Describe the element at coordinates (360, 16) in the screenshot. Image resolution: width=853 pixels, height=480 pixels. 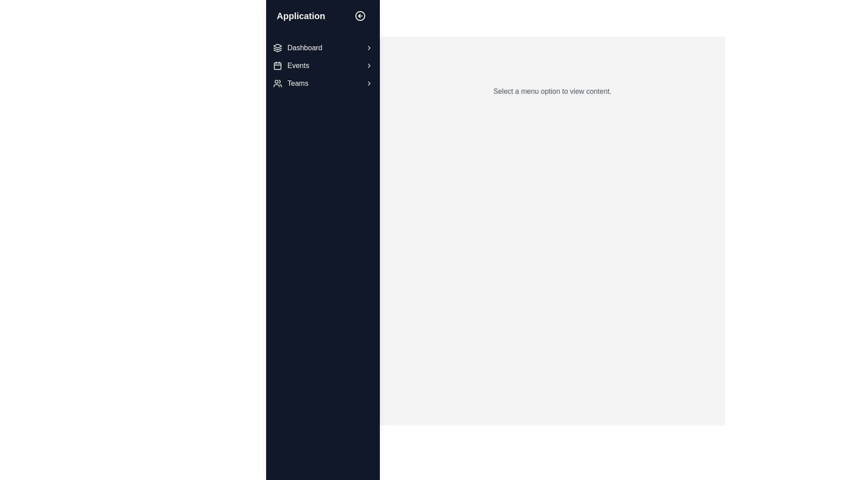
I see `SVG circle outline that forms part of a circular arrow graphic located at the top right of the sidebar section` at that location.